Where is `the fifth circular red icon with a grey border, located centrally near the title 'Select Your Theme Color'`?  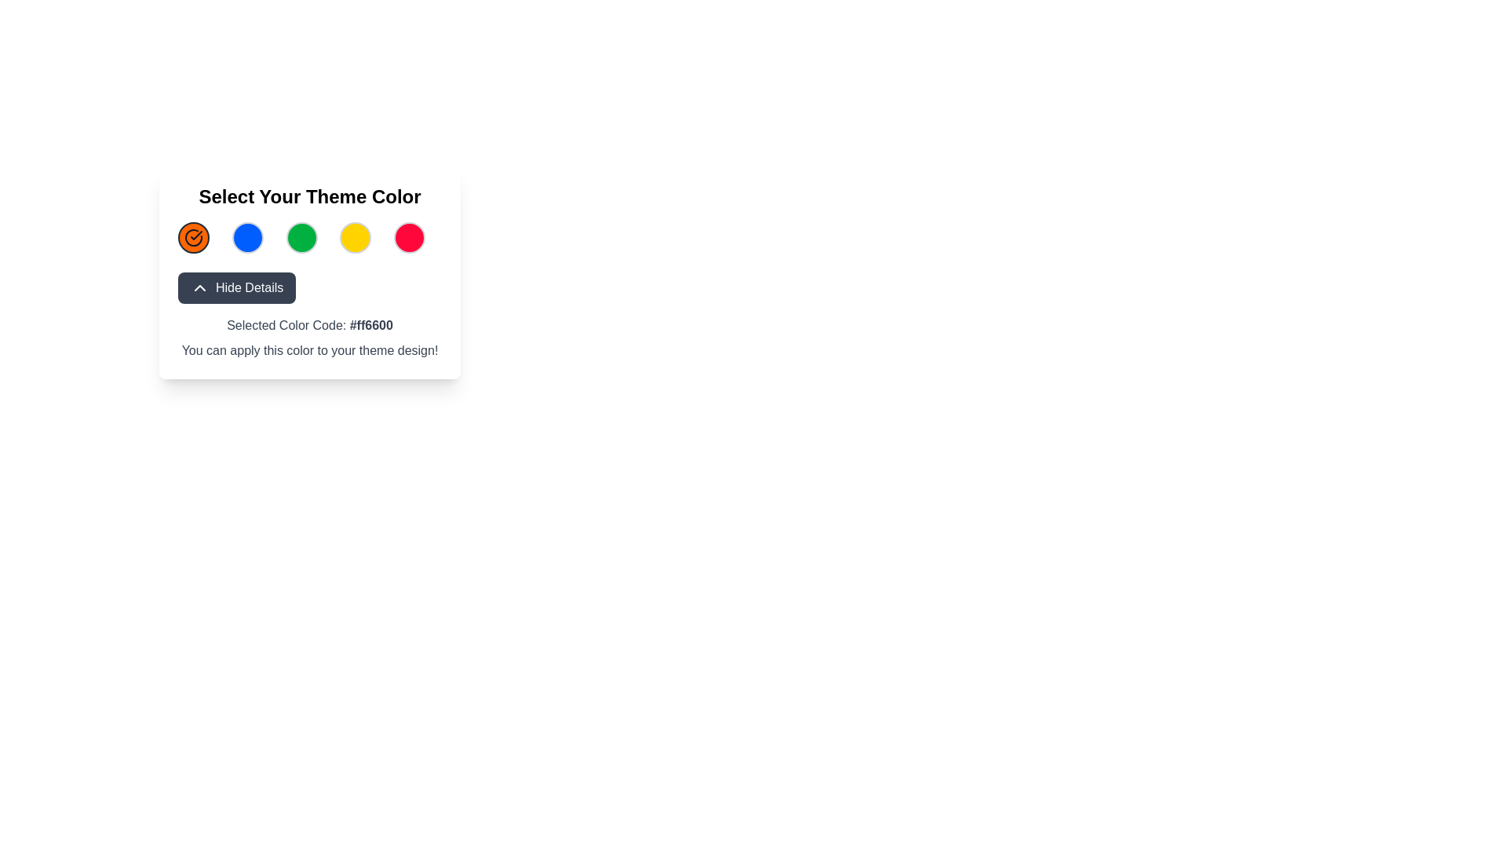 the fifth circular red icon with a grey border, located centrally near the title 'Select Your Theme Color' is located at coordinates (410, 238).